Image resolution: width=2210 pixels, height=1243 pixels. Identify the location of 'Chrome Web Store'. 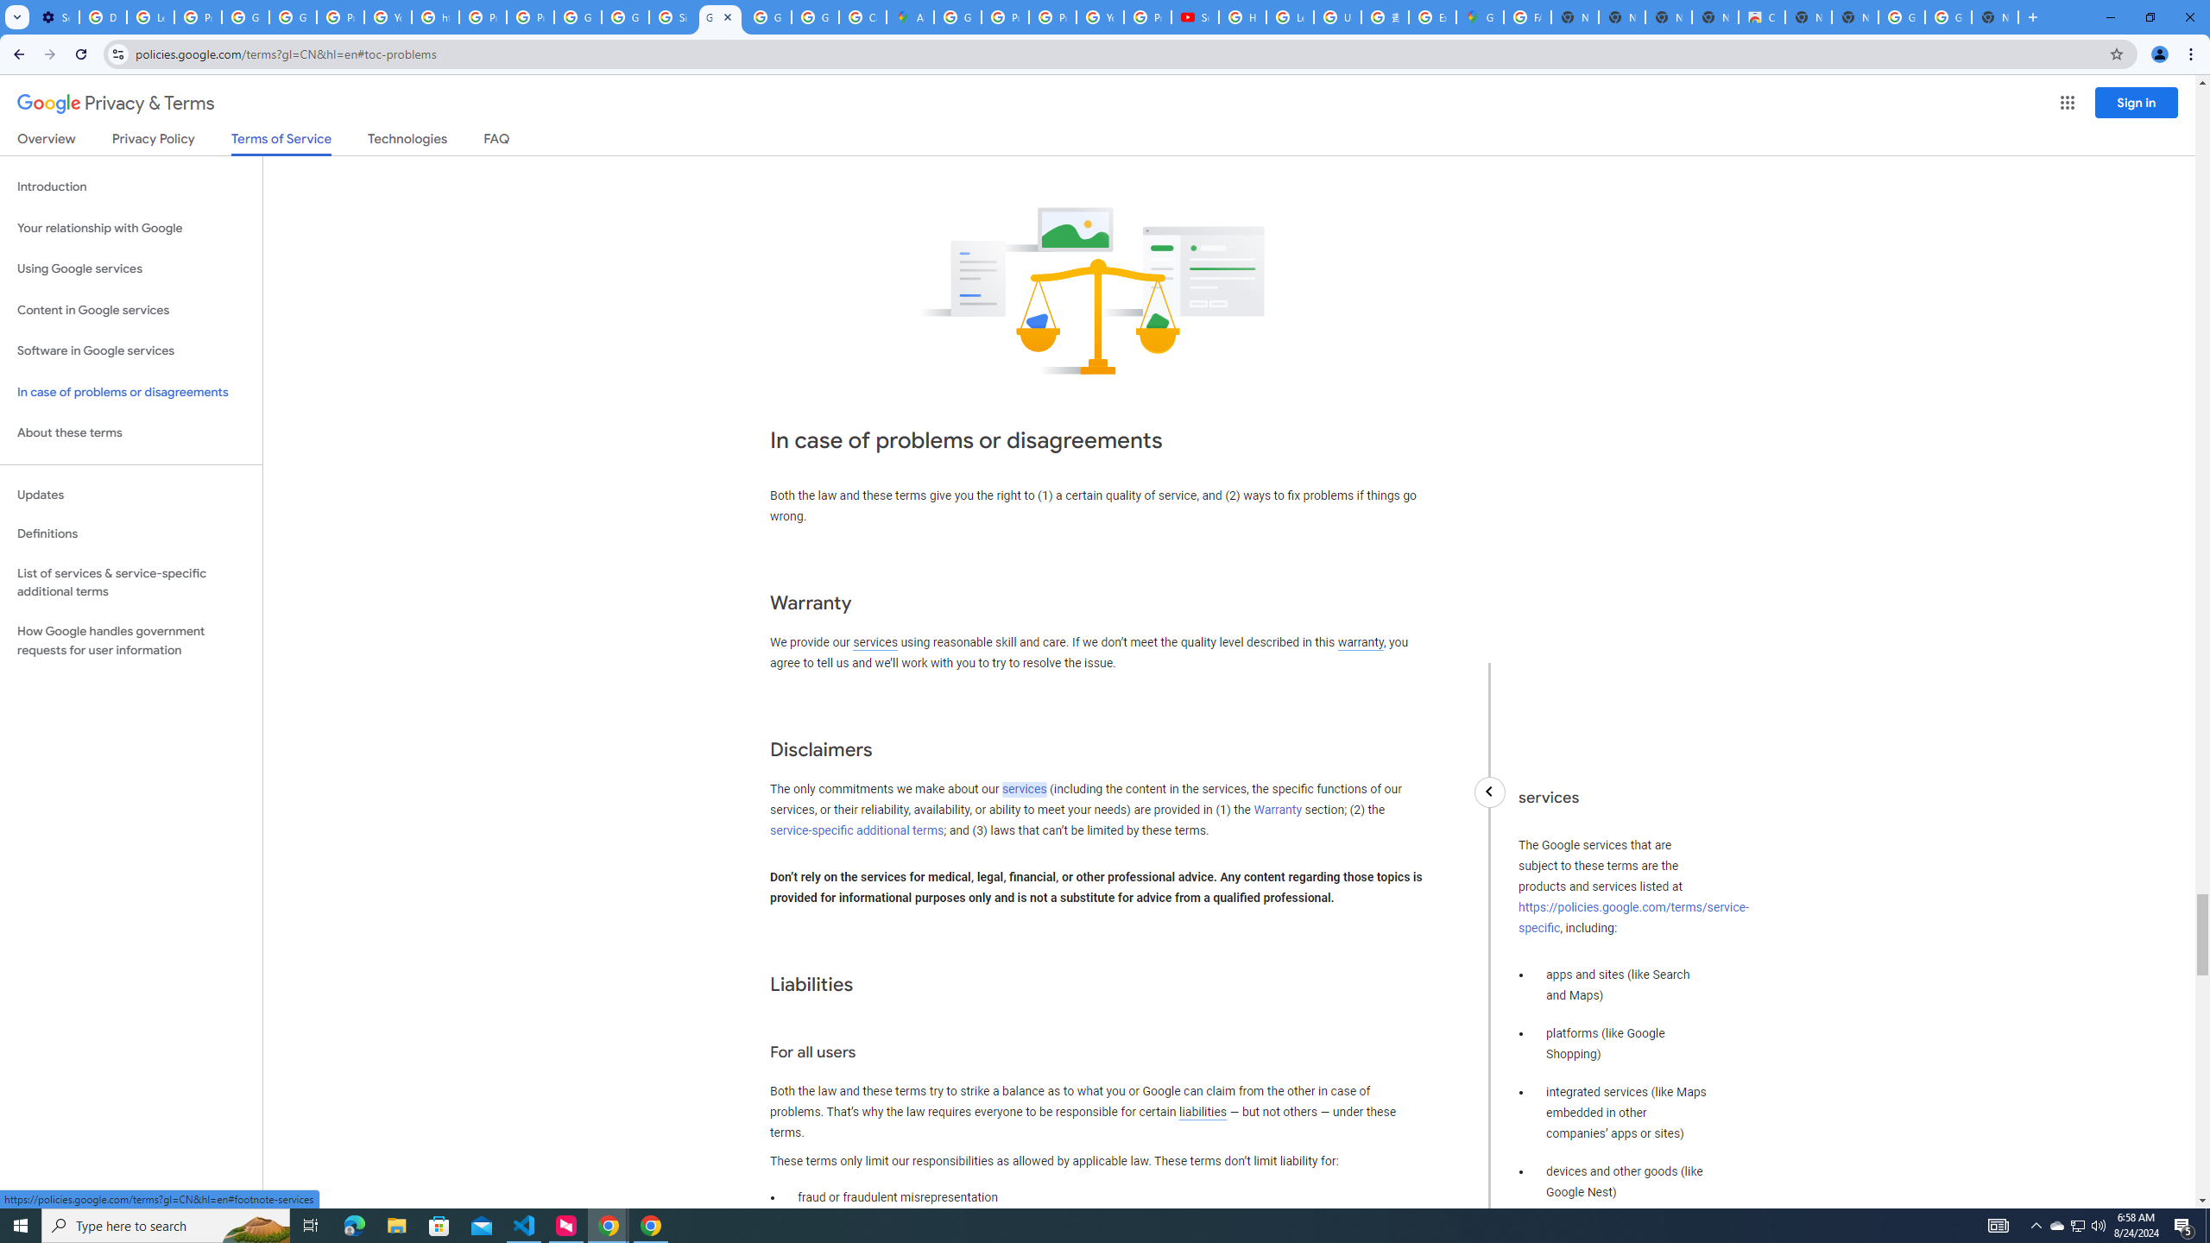
(1760, 16).